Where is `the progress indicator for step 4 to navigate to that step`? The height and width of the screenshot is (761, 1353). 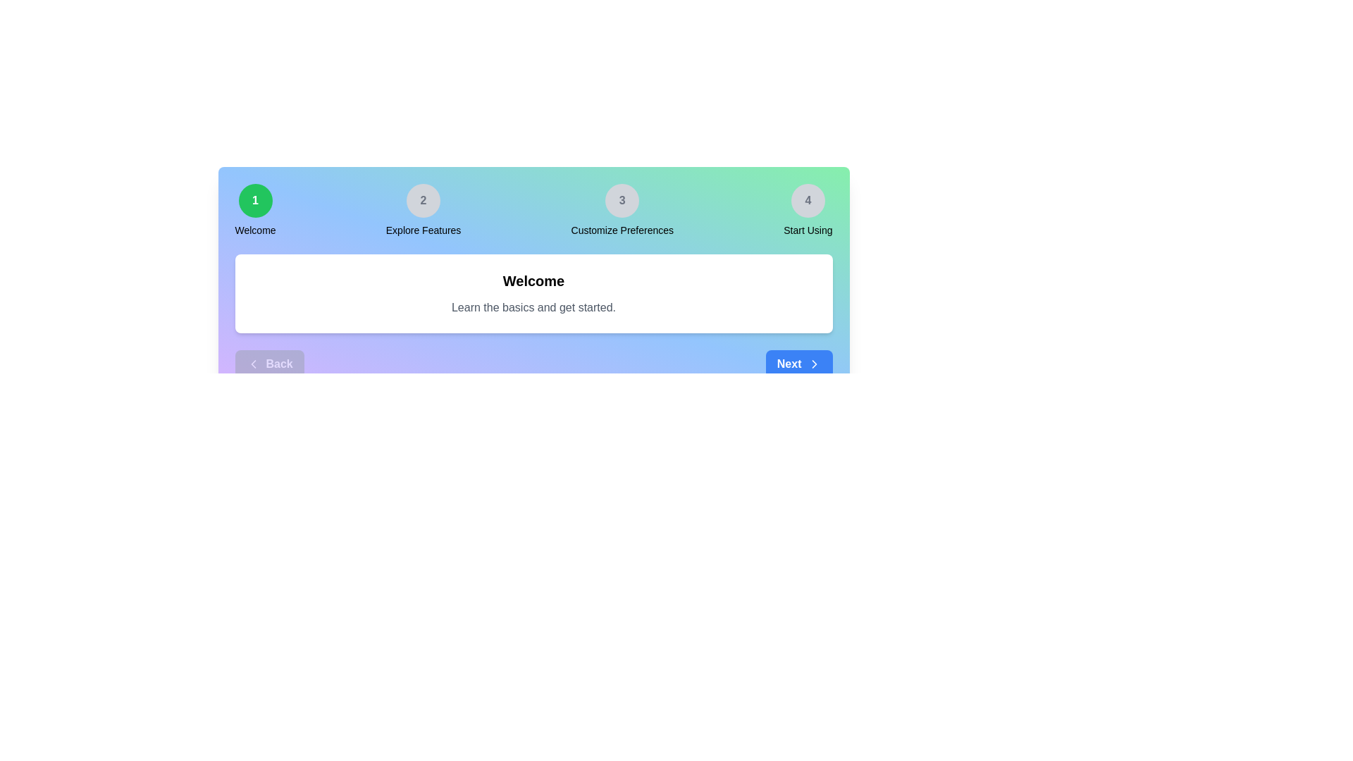 the progress indicator for step 4 to navigate to that step is located at coordinates (808, 201).